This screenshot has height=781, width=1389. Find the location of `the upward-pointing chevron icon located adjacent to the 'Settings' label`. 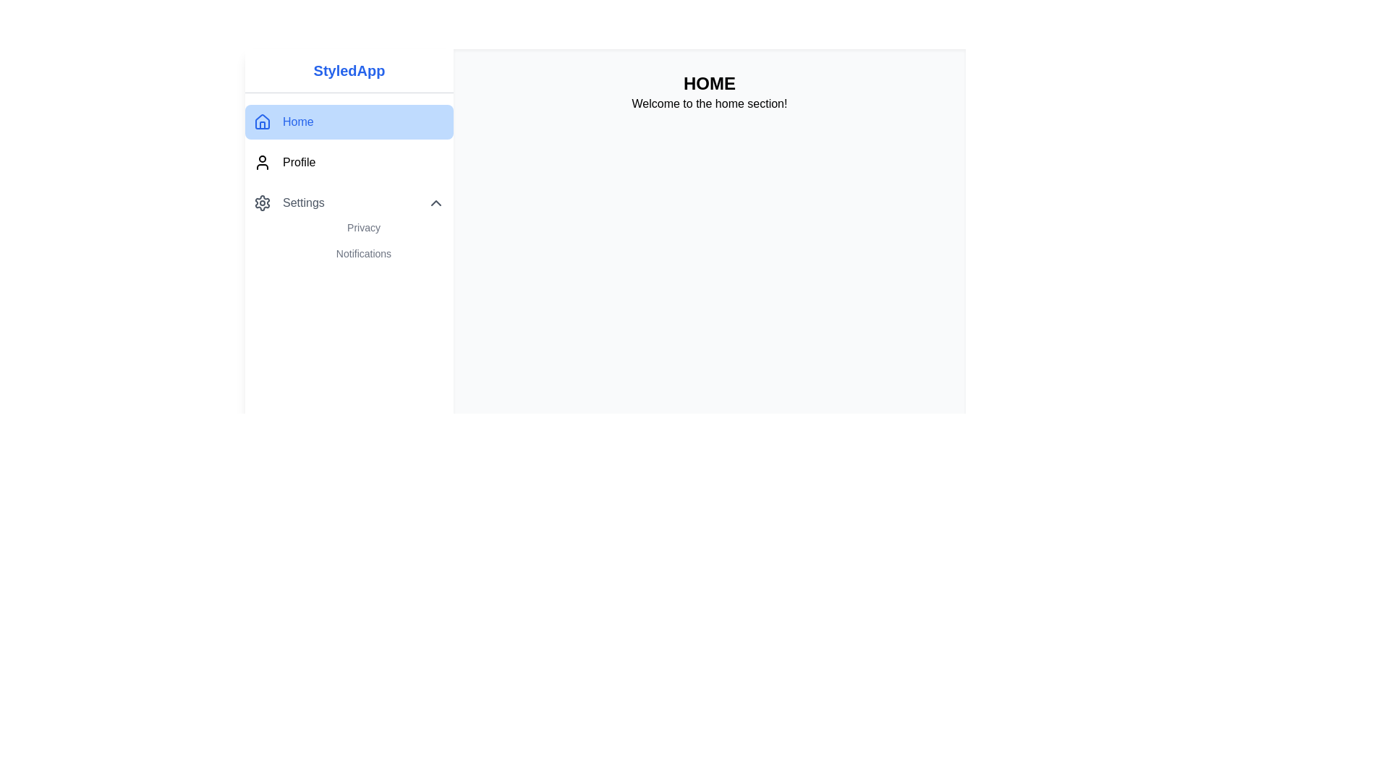

the upward-pointing chevron icon located adjacent to the 'Settings' label is located at coordinates (436, 203).